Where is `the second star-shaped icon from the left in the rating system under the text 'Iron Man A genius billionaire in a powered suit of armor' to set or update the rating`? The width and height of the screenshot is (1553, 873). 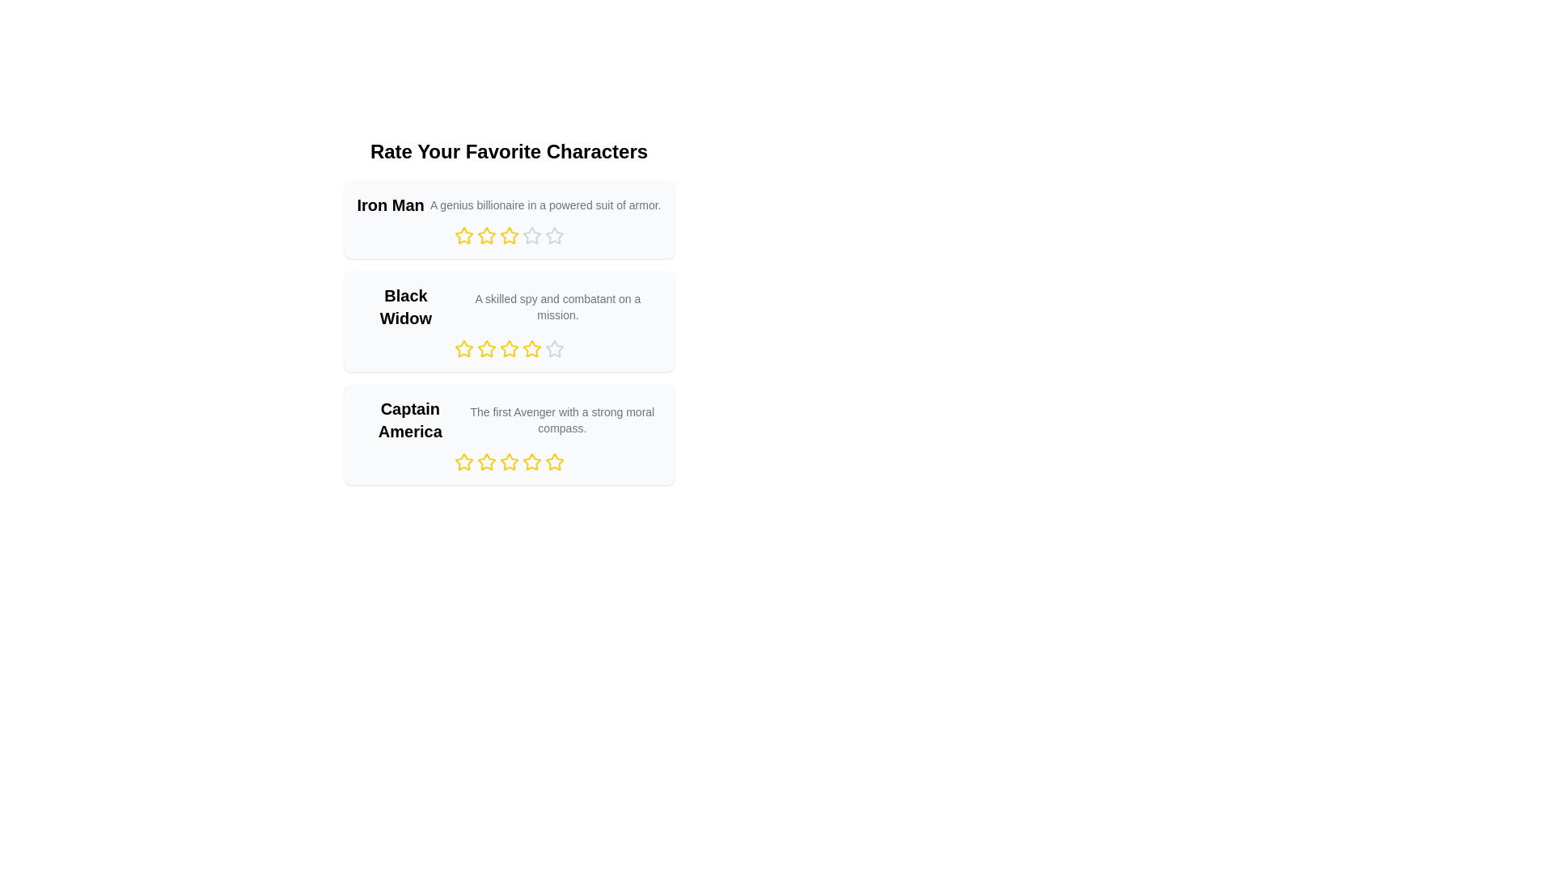
the second star-shaped icon from the left in the rating system under the text 'Iron Man A genius billionaire in a powered suit of armor' to set or update the rating is located at coordinates (485, 235).